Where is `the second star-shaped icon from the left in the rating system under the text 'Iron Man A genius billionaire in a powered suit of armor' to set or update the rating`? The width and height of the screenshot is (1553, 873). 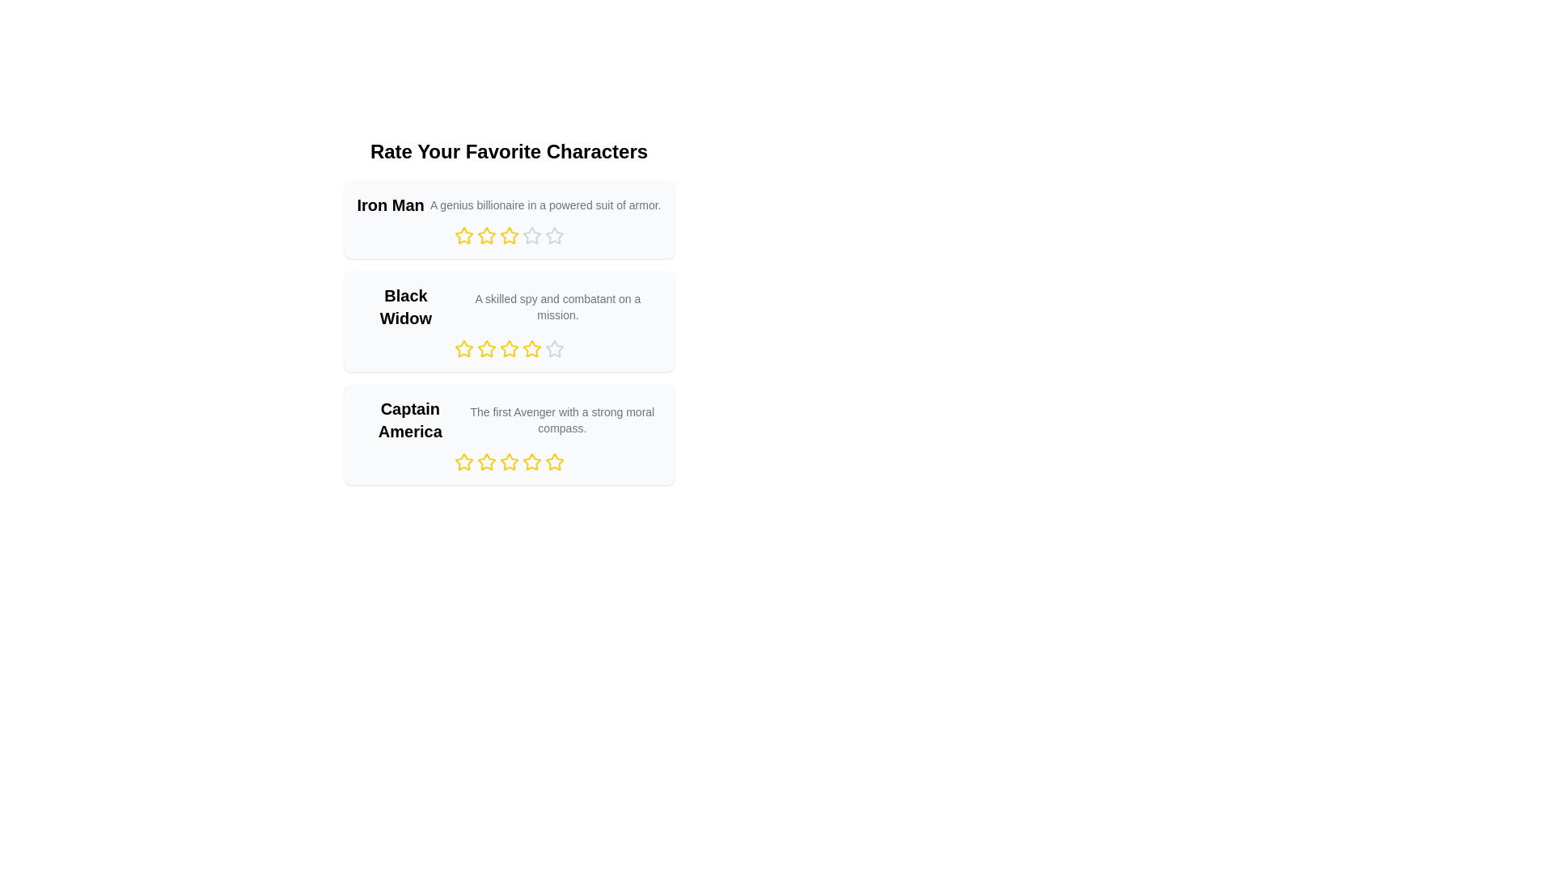
the second star-shaped icon from the left in the rating system under the text 'Iron Man A genius billionaire in a powered suit of armor' to set or update the rating is located at coordinates (485, 235).